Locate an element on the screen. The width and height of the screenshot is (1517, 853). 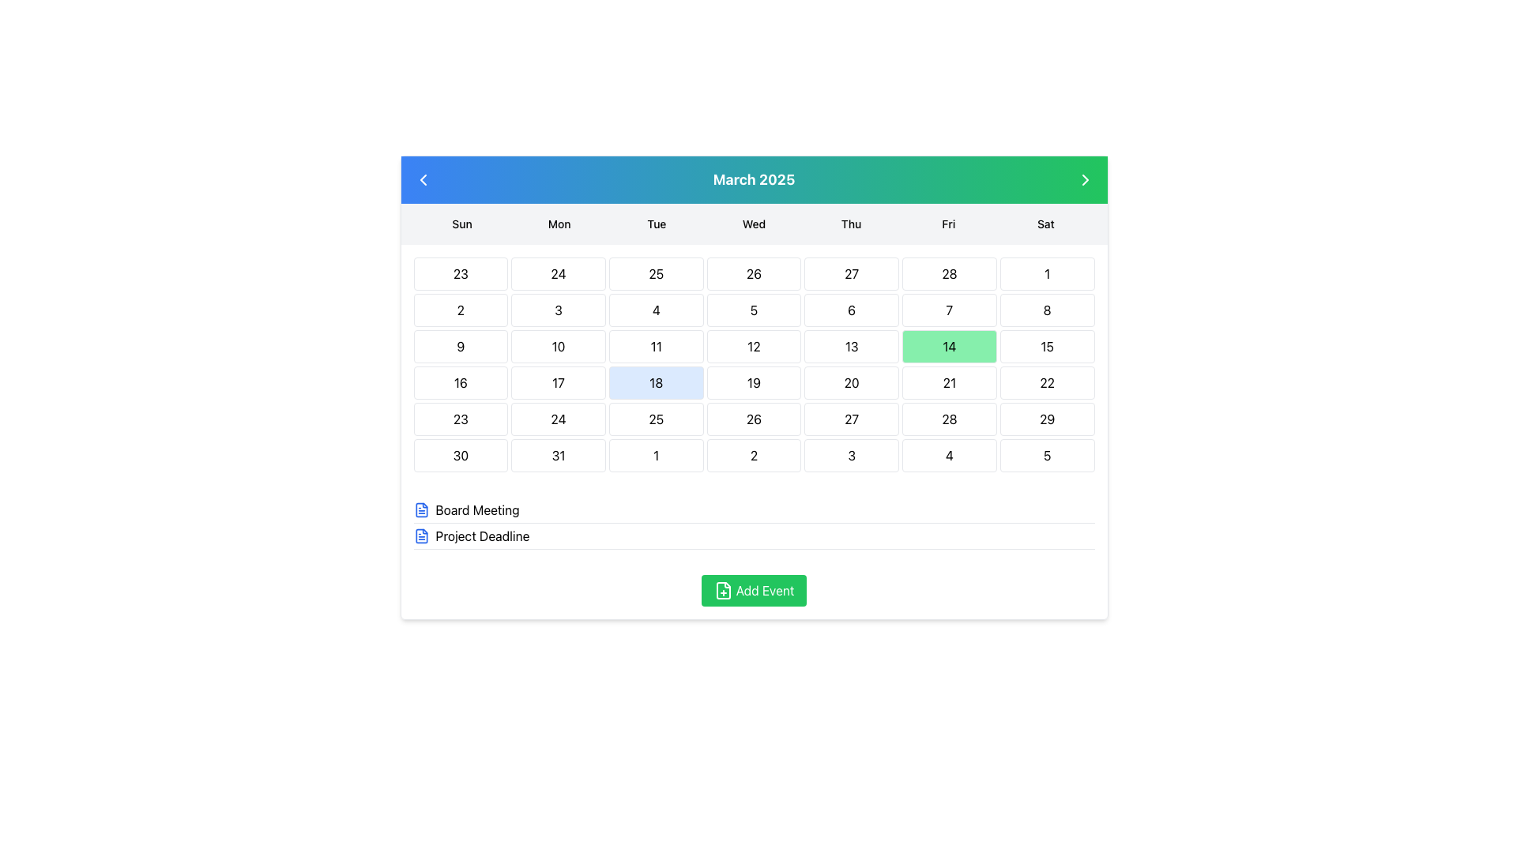
the static label 'Sat' which is positioned in the rightmost column of the weekday row in the calendar interface is located at coordinates (1045, 224).